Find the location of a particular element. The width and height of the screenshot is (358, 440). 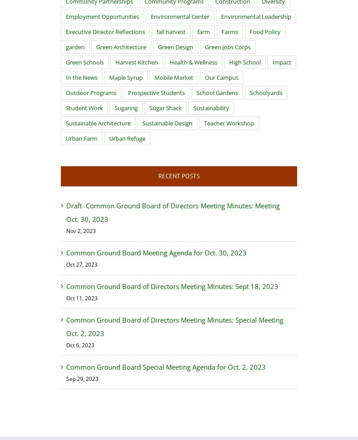

'Common Ground Board of Directors Meeting Minutes: Sept 18, 2023' is located at coordinates (171, 285).